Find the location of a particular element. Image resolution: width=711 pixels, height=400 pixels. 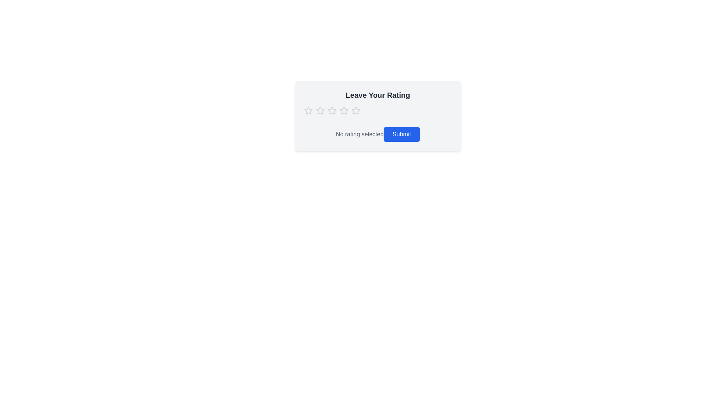

the first star icon in the rating component is located at coordinates (308, 111).